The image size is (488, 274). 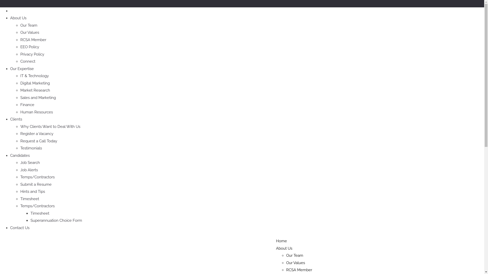 I want to click on 'Digital Marketing', so click(x=35, y=83).